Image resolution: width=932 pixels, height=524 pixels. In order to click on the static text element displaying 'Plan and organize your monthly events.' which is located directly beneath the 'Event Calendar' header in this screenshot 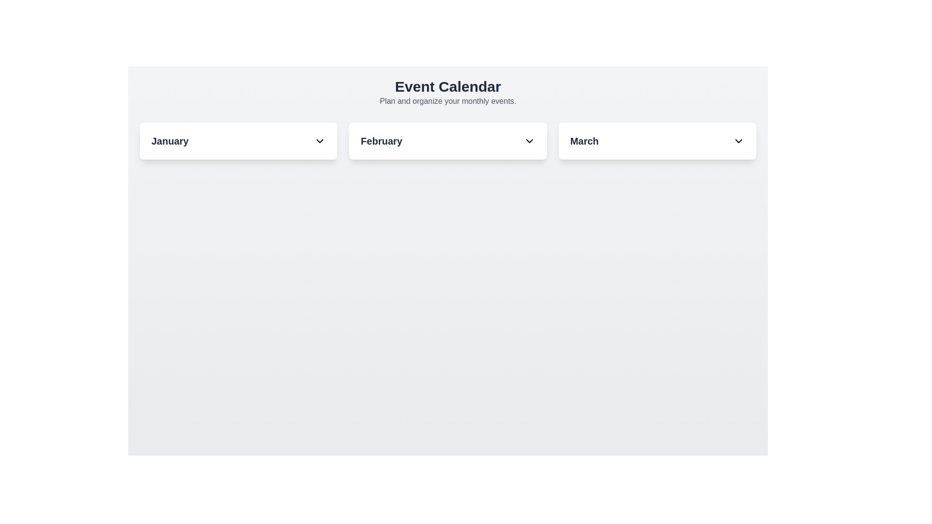, I will do `click(447, 101)`.